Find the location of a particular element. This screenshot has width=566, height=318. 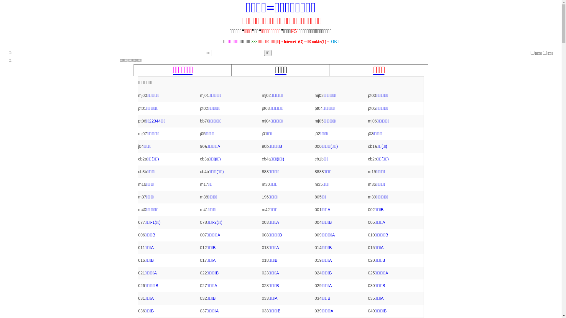

'014' is located at coordinates (317, 247).